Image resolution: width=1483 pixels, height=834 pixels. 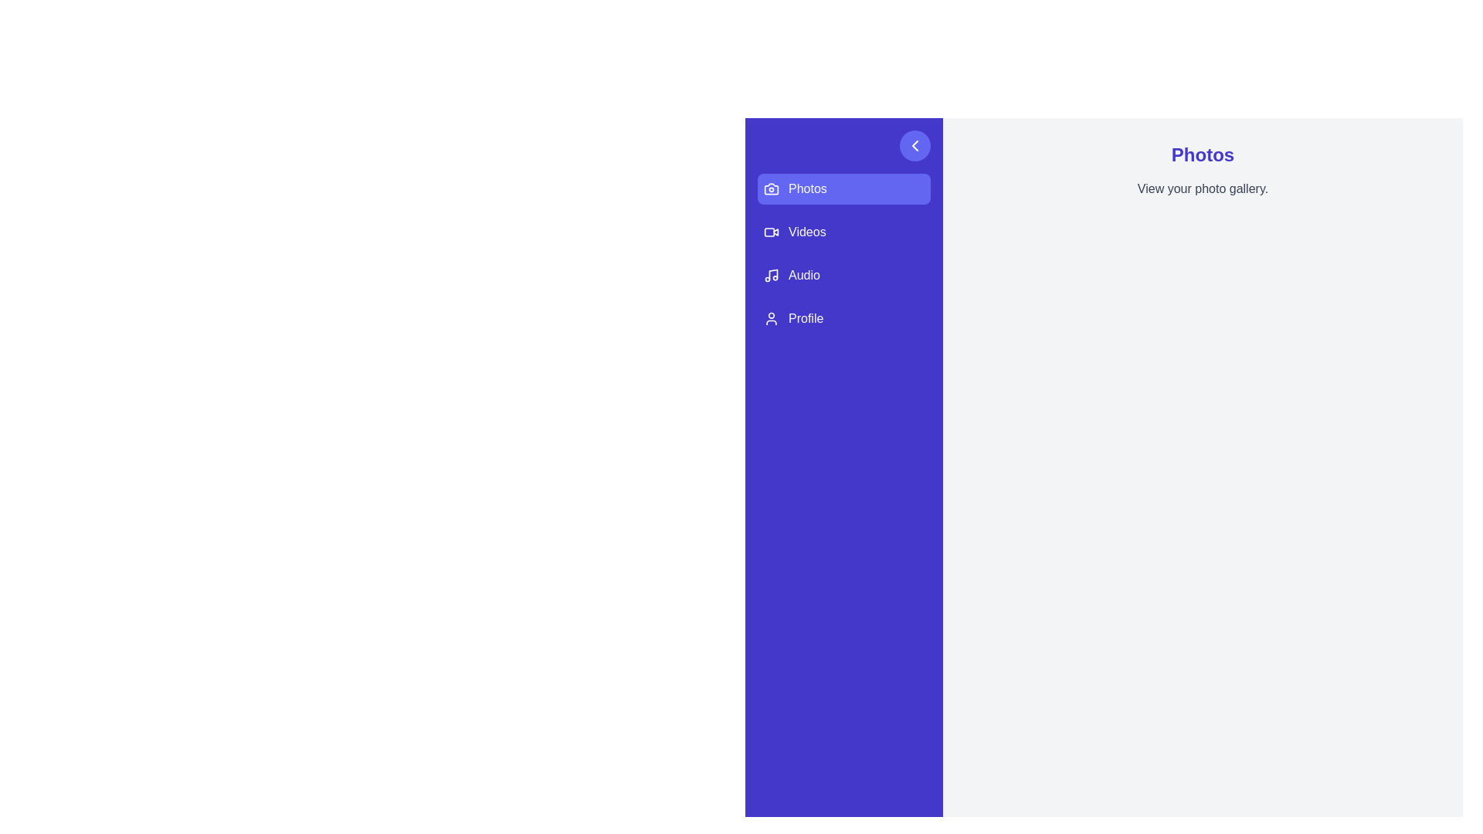 I want to click on the Profile navigation button located in the left-hand sidebar, which is the fourth item in a vertical list beneath Photos, Videos, and Audio, to trigger the UI effect indicating interactivity, so click(x=843, y=317).